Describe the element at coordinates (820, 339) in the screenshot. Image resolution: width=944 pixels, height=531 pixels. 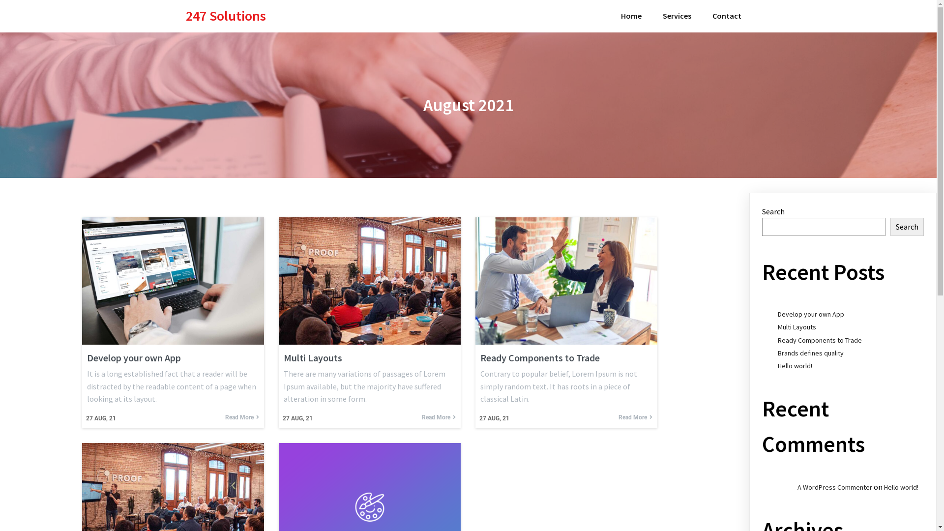
I see `'Ready Components to Trade'` at that location.